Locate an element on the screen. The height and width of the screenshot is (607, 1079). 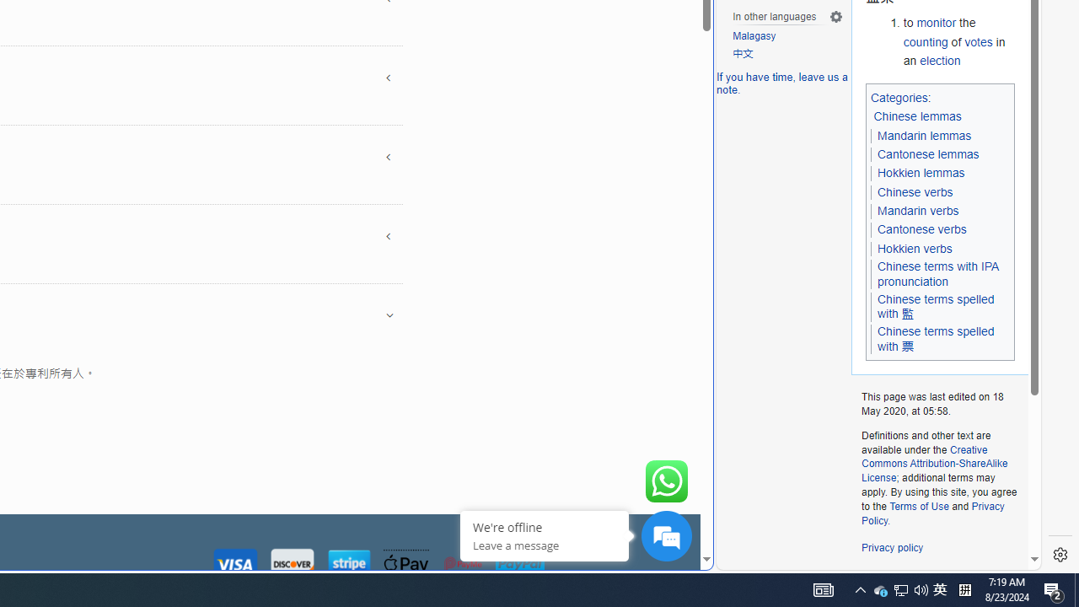
'votes' is located at coordinates (978, 40).